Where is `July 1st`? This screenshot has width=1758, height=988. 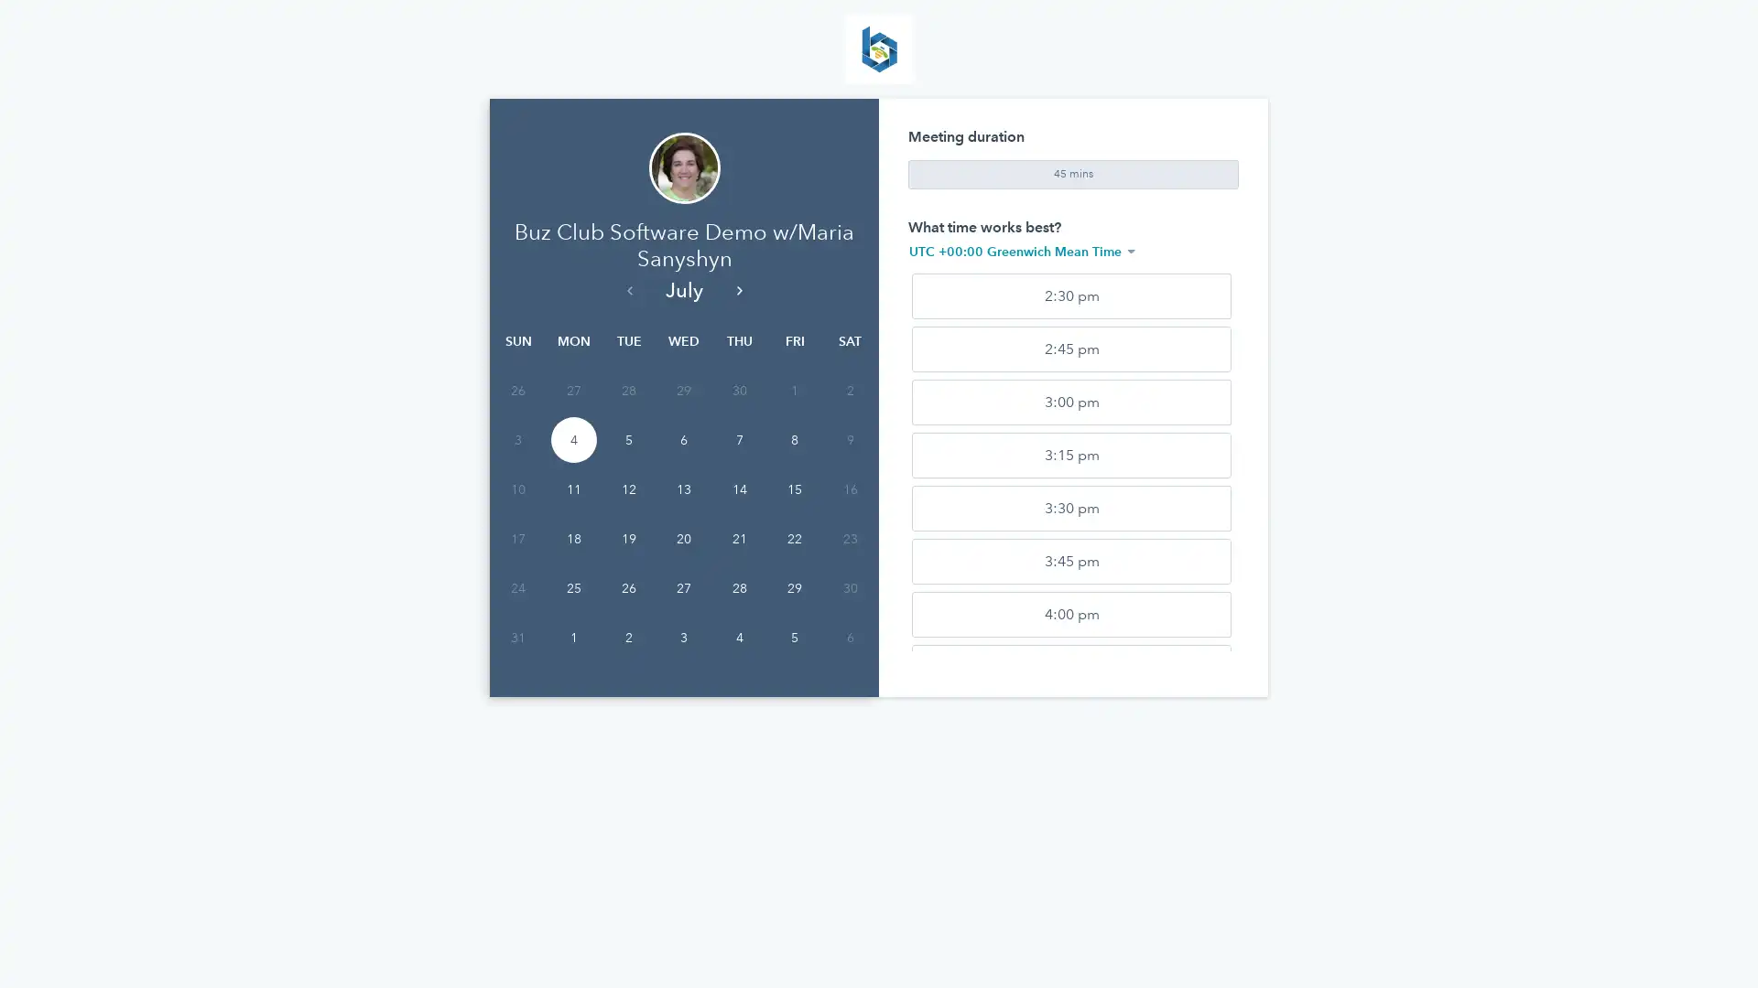 July 1st is located at coordinates (795, 390).